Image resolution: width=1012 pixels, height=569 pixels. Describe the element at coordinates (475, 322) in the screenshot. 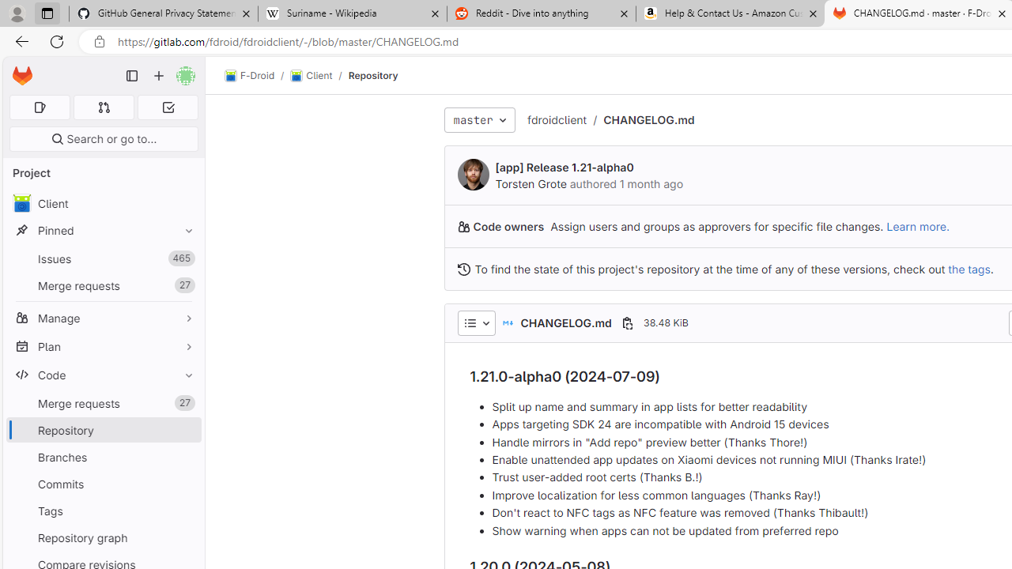

I see `'AutomationID: dropdown-toggle-btn-50'` at that location.